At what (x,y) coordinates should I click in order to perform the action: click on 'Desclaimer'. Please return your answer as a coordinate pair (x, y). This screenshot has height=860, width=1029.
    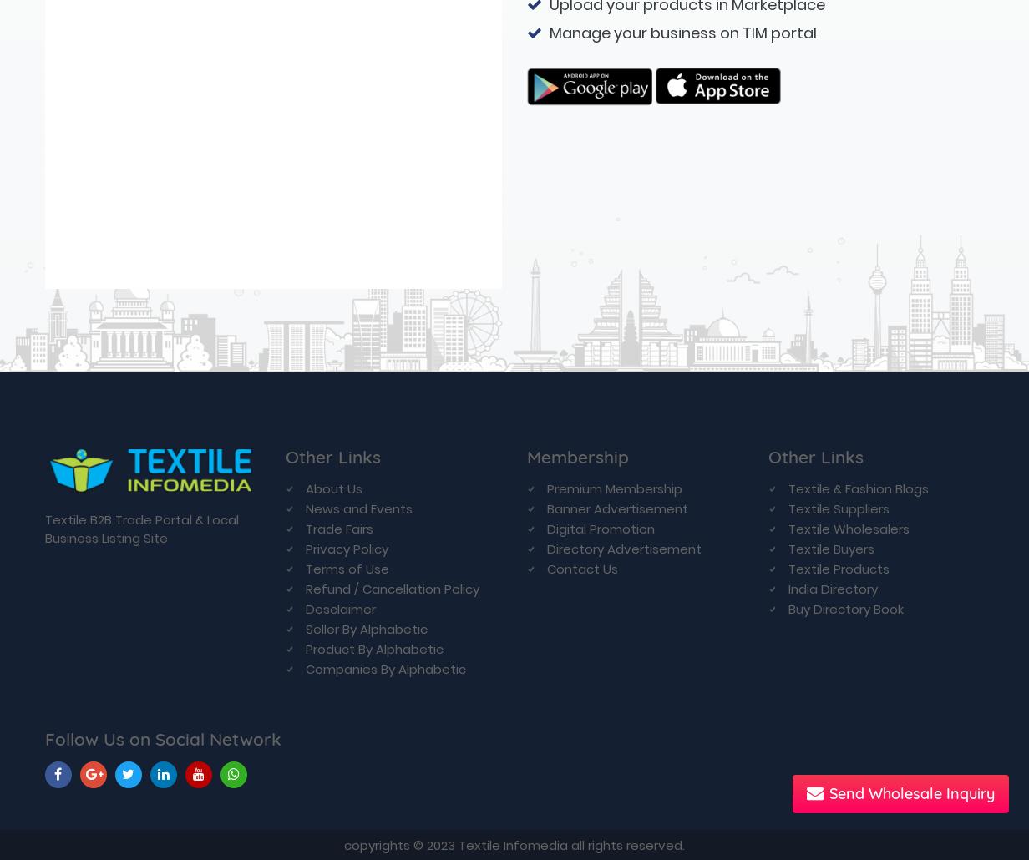
    Looking at the image, I should click on (341, 87).